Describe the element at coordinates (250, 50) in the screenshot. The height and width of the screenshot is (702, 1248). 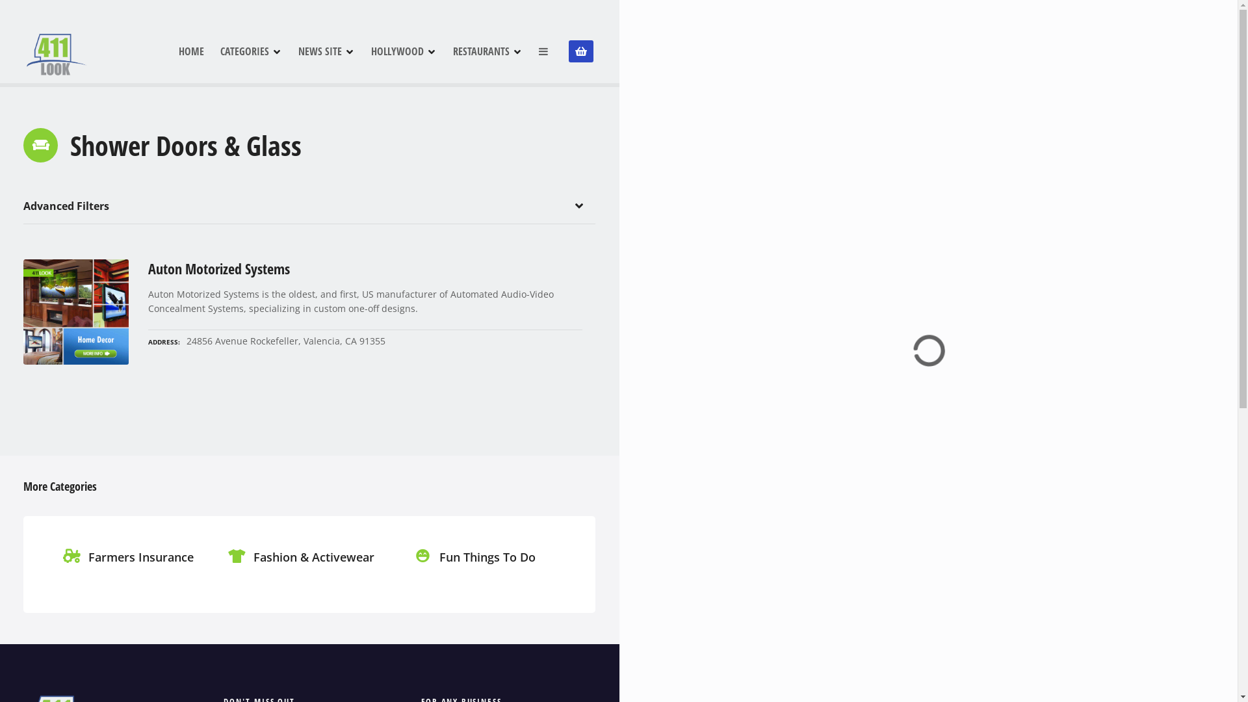
I see `'CATEGORIES'` at that location.